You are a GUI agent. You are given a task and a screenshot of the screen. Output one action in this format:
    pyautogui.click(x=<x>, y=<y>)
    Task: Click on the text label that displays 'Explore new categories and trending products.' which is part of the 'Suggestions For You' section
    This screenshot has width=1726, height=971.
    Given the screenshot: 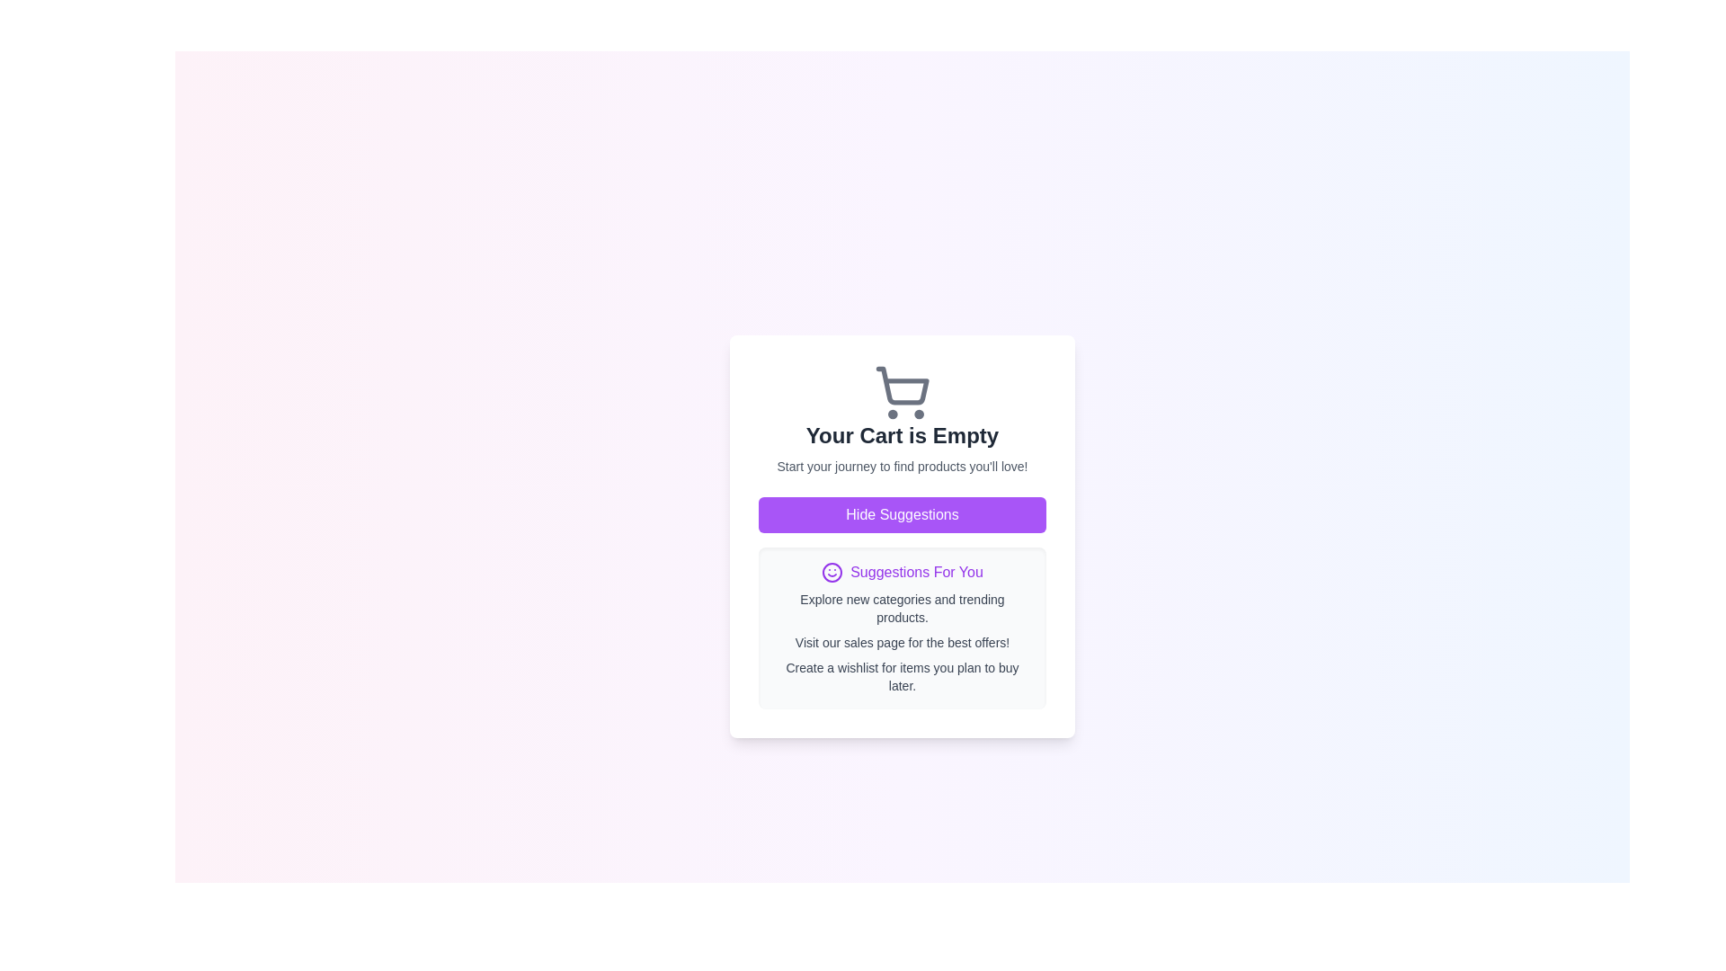 What is the action you would take?
    pyautogui.click(x=902, y=608)
    